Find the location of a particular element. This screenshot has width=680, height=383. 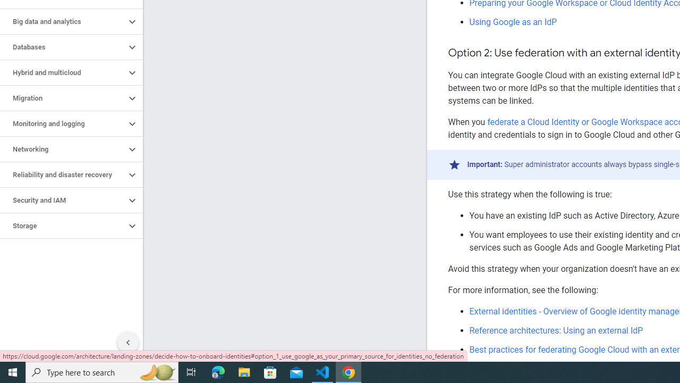

'Networking' is located at coordinates (62, 149).